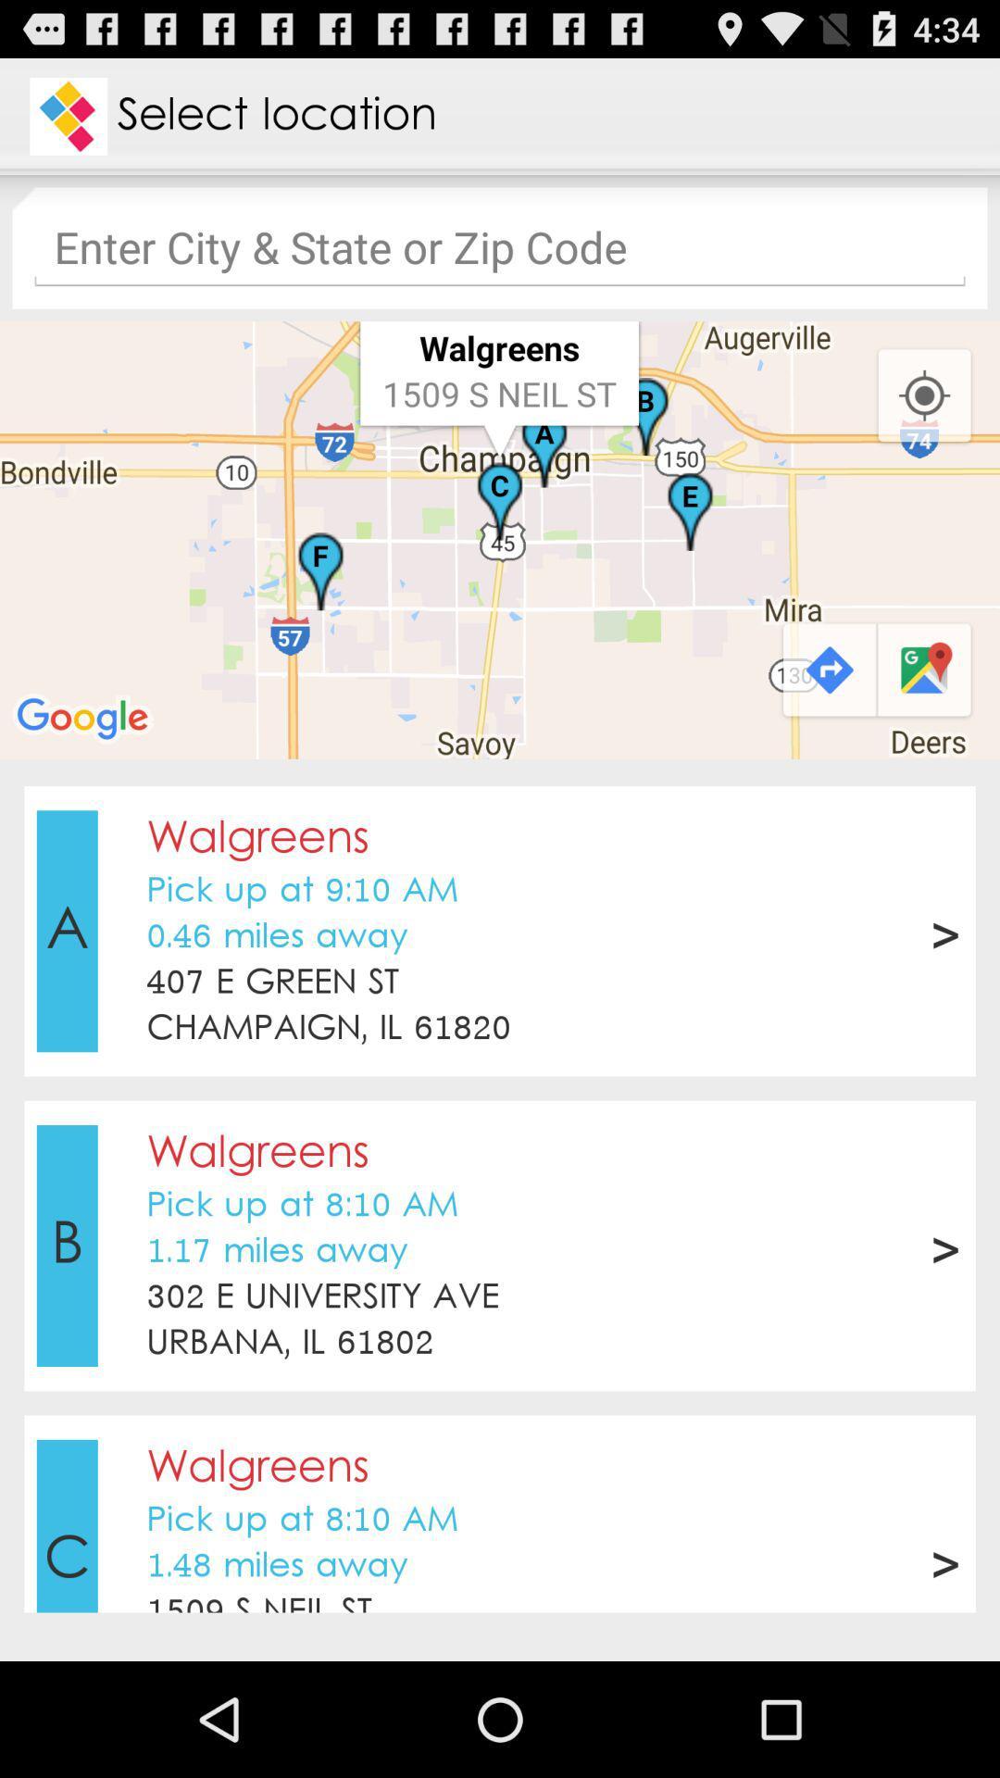 This screenshot has width=1000, height=1778. What do you see at coordinates (500, 1064) in the screenshot?
I see `the item above walgreens icon` at bounding box center [500, 1064].